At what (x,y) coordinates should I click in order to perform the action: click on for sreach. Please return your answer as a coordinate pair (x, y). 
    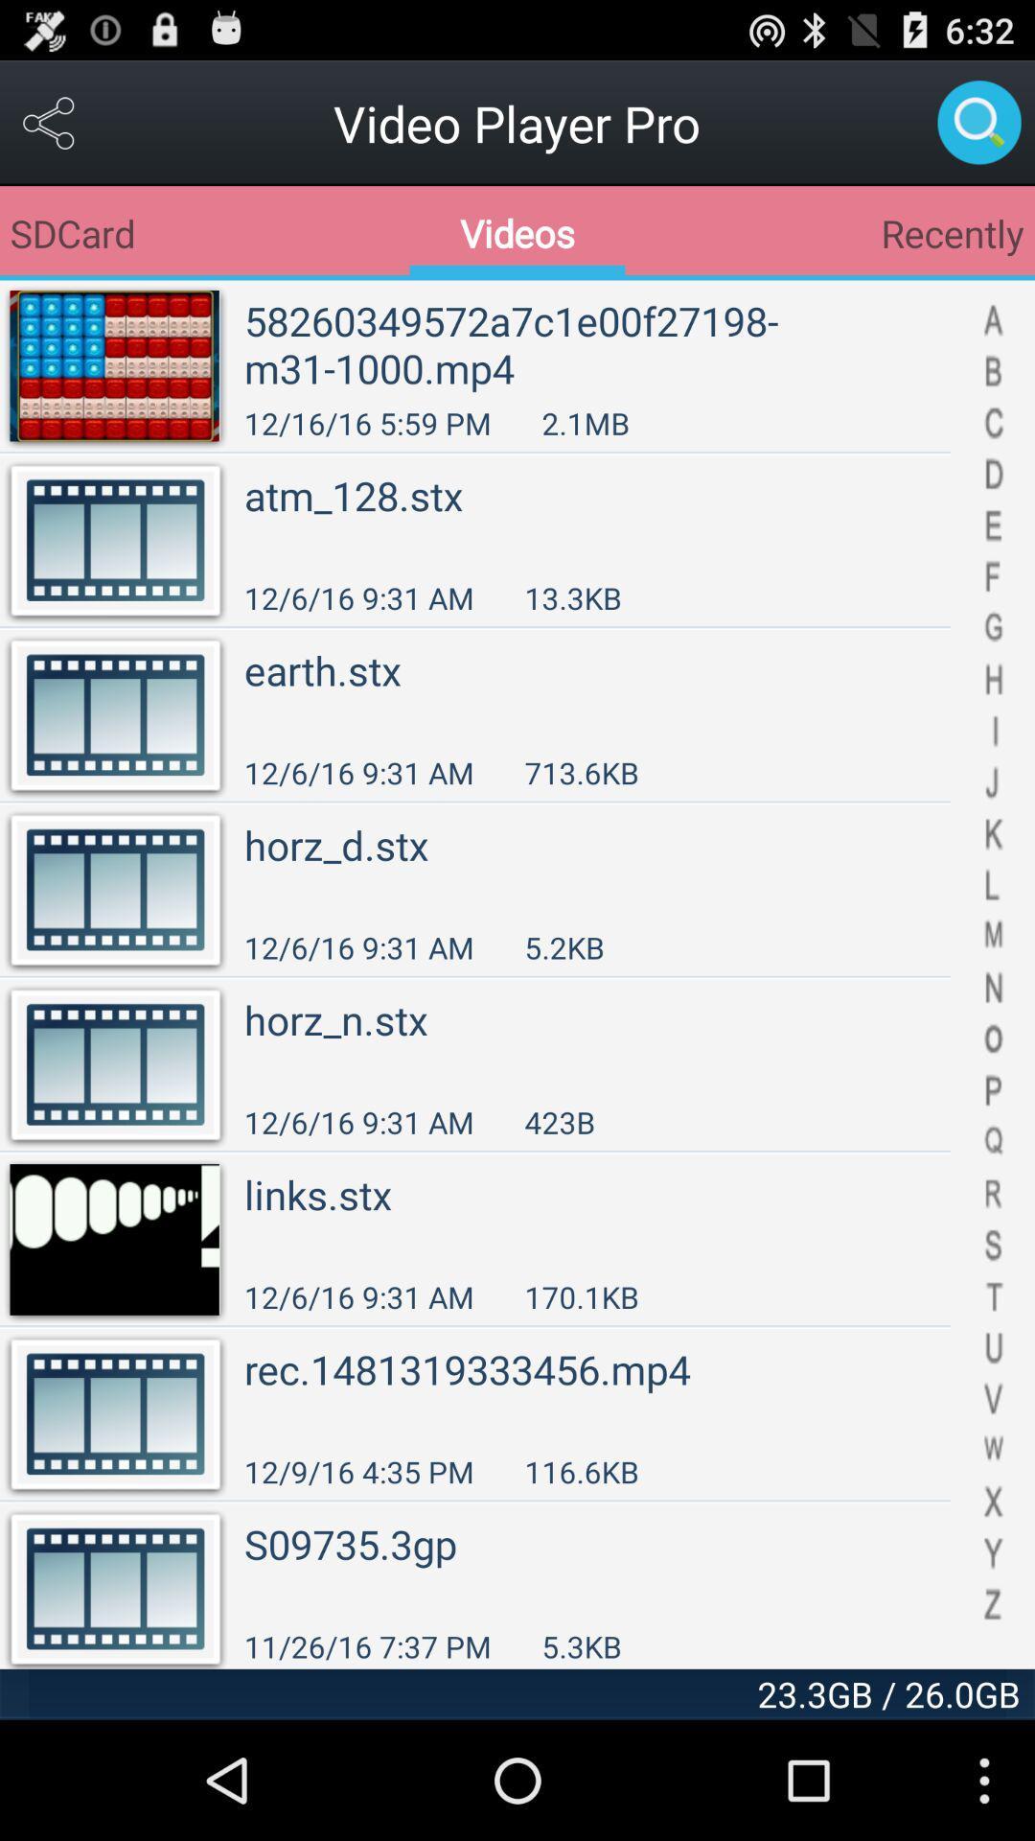
    Looking at the image, I should click on (978, 122).